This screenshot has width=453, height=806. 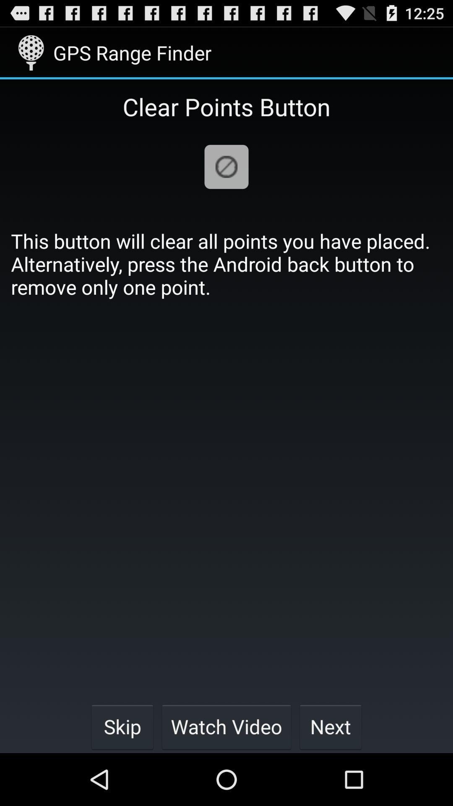 I want to click on the button at the bottom, so click(x=226, y=726).